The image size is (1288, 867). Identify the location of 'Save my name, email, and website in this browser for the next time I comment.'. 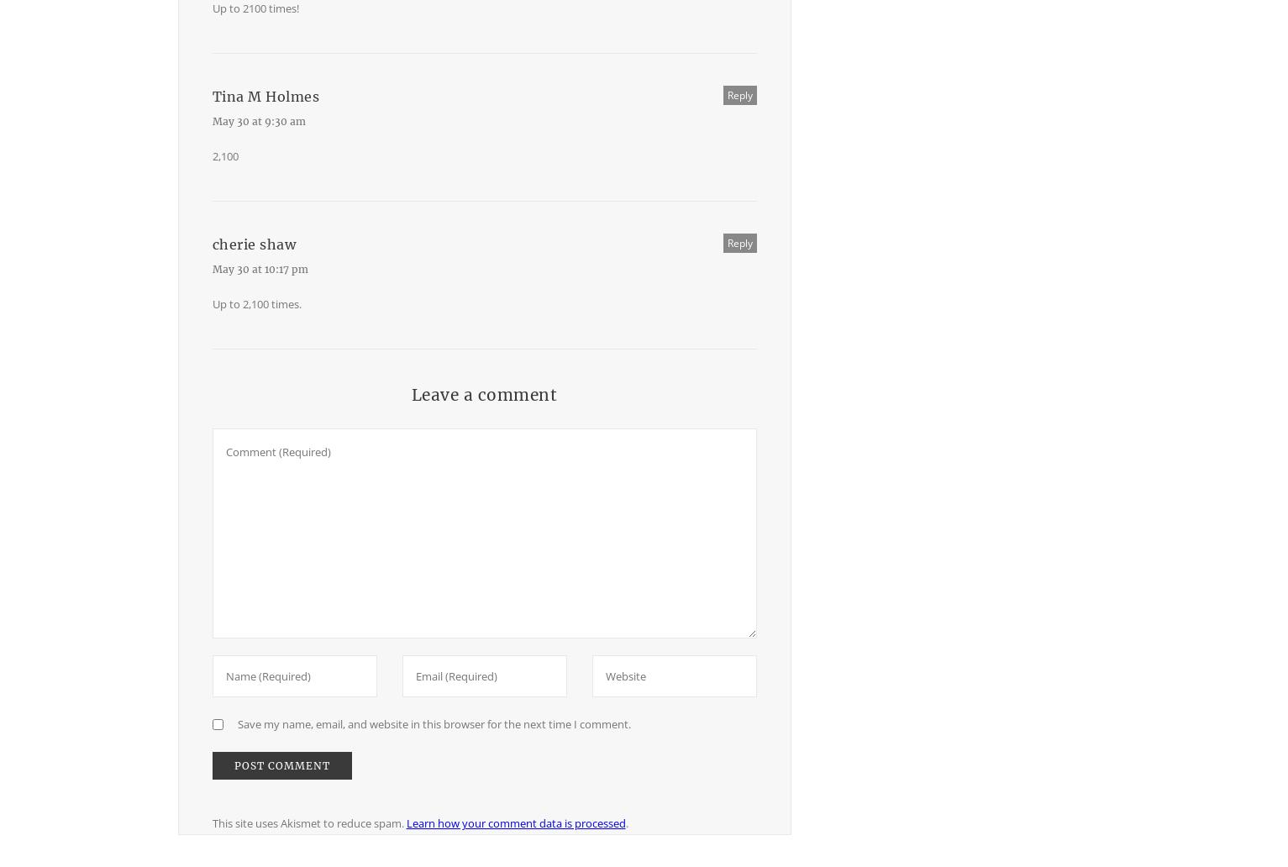
(237, 724).